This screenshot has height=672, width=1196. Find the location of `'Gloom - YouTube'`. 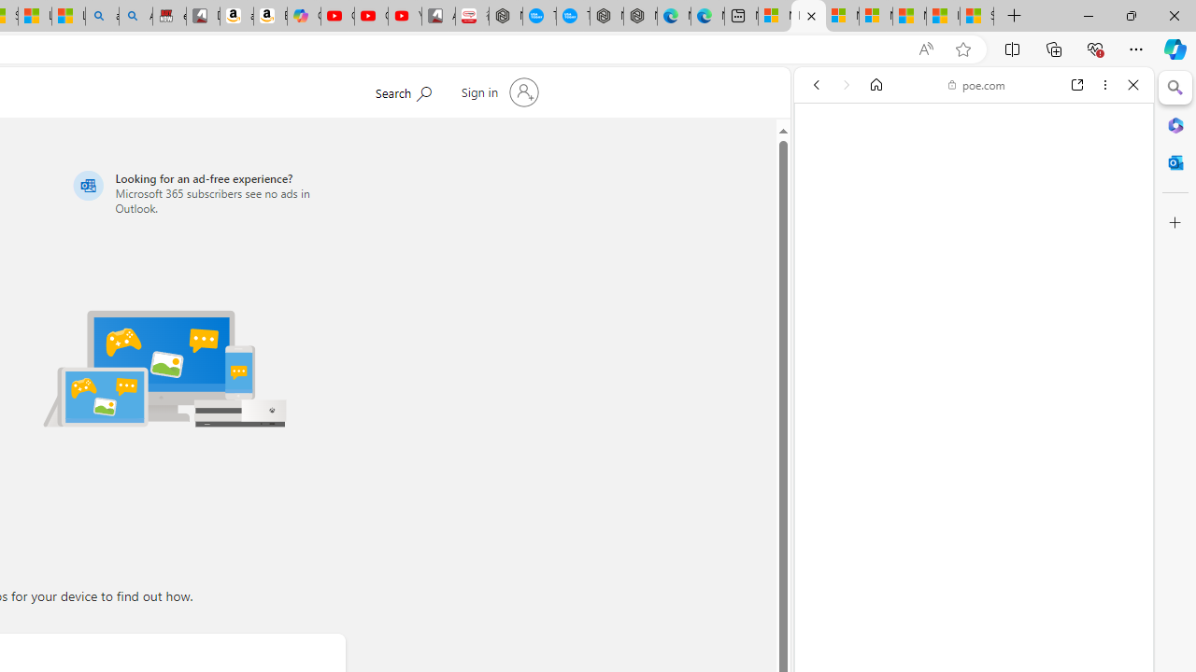

'Gloom - YouTube' is located at coordinates (371, 16).